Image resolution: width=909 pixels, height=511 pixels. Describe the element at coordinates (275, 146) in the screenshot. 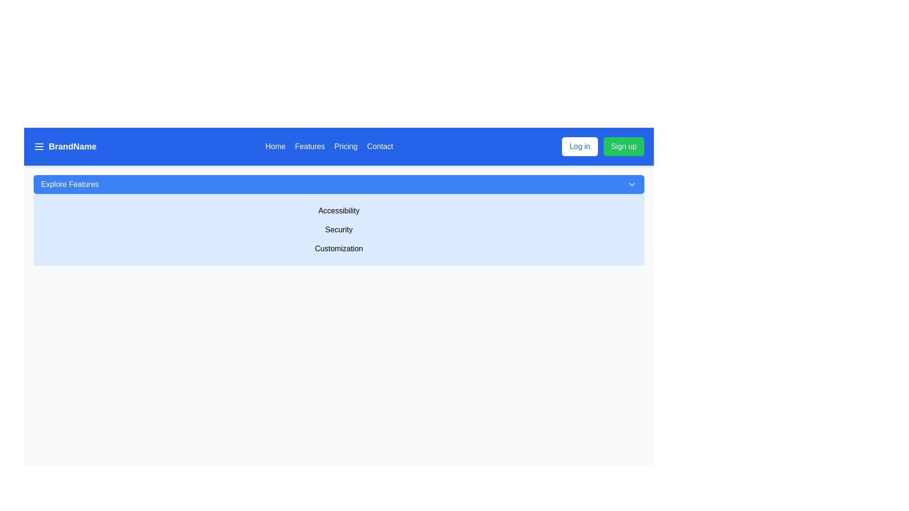

I see `the 'Home' text-based navigational link, which is styled with a white font on a blue background` at that location.